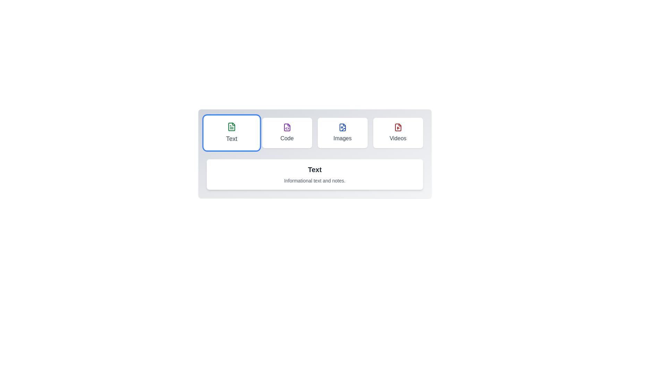  I want to click on the Code tab by clicking on it, so click(287, 133).